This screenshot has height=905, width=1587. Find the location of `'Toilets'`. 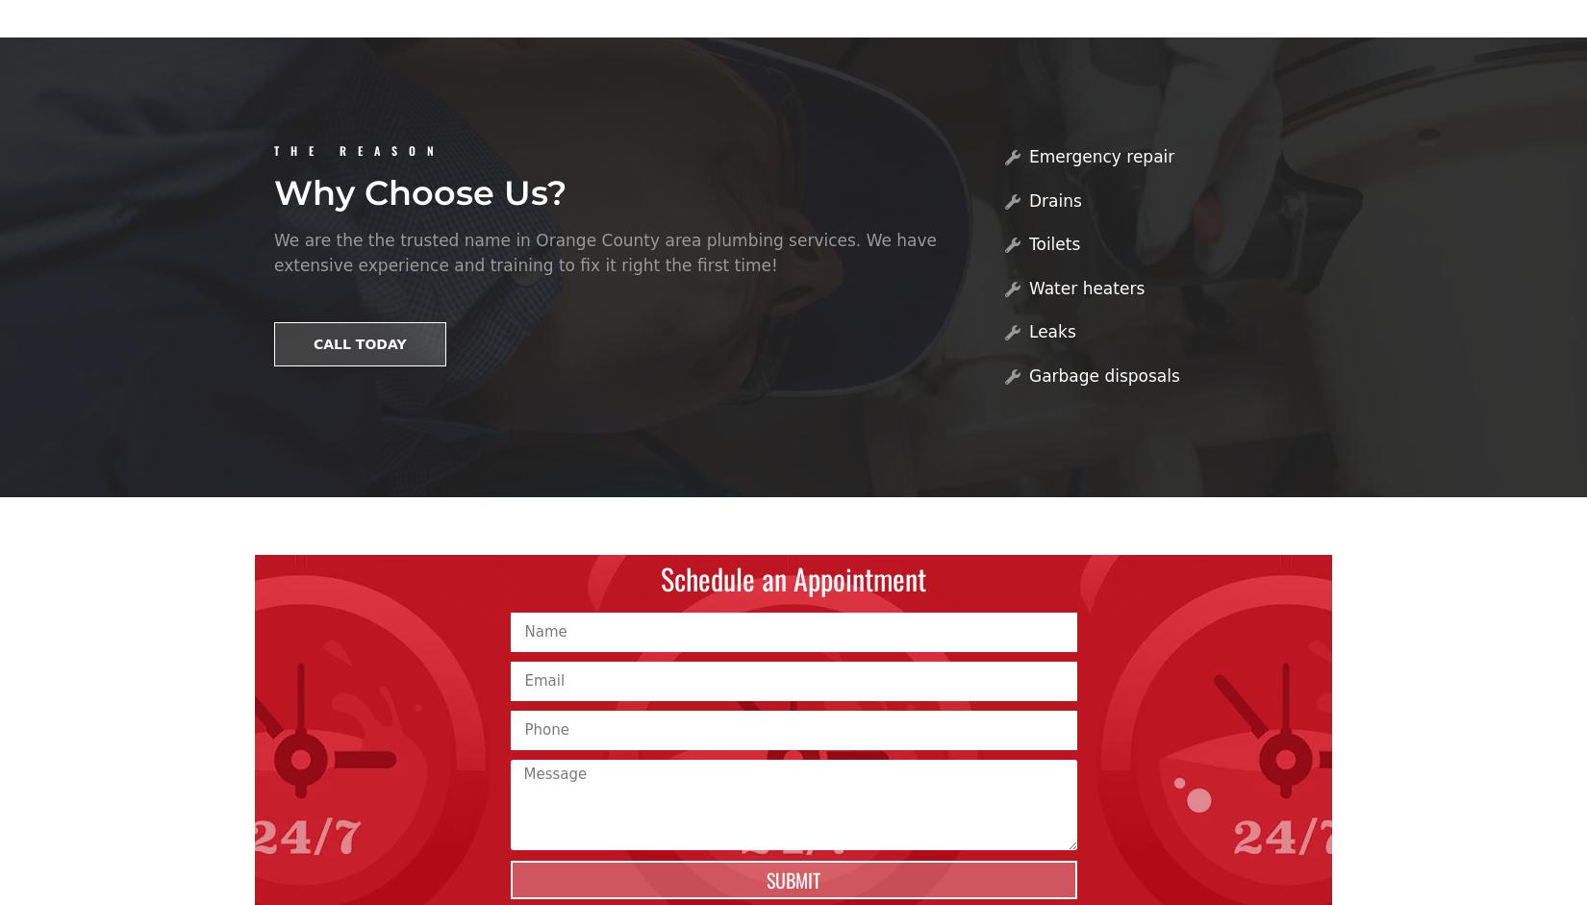

'Toilets' is located at coordinates (1028, 242).